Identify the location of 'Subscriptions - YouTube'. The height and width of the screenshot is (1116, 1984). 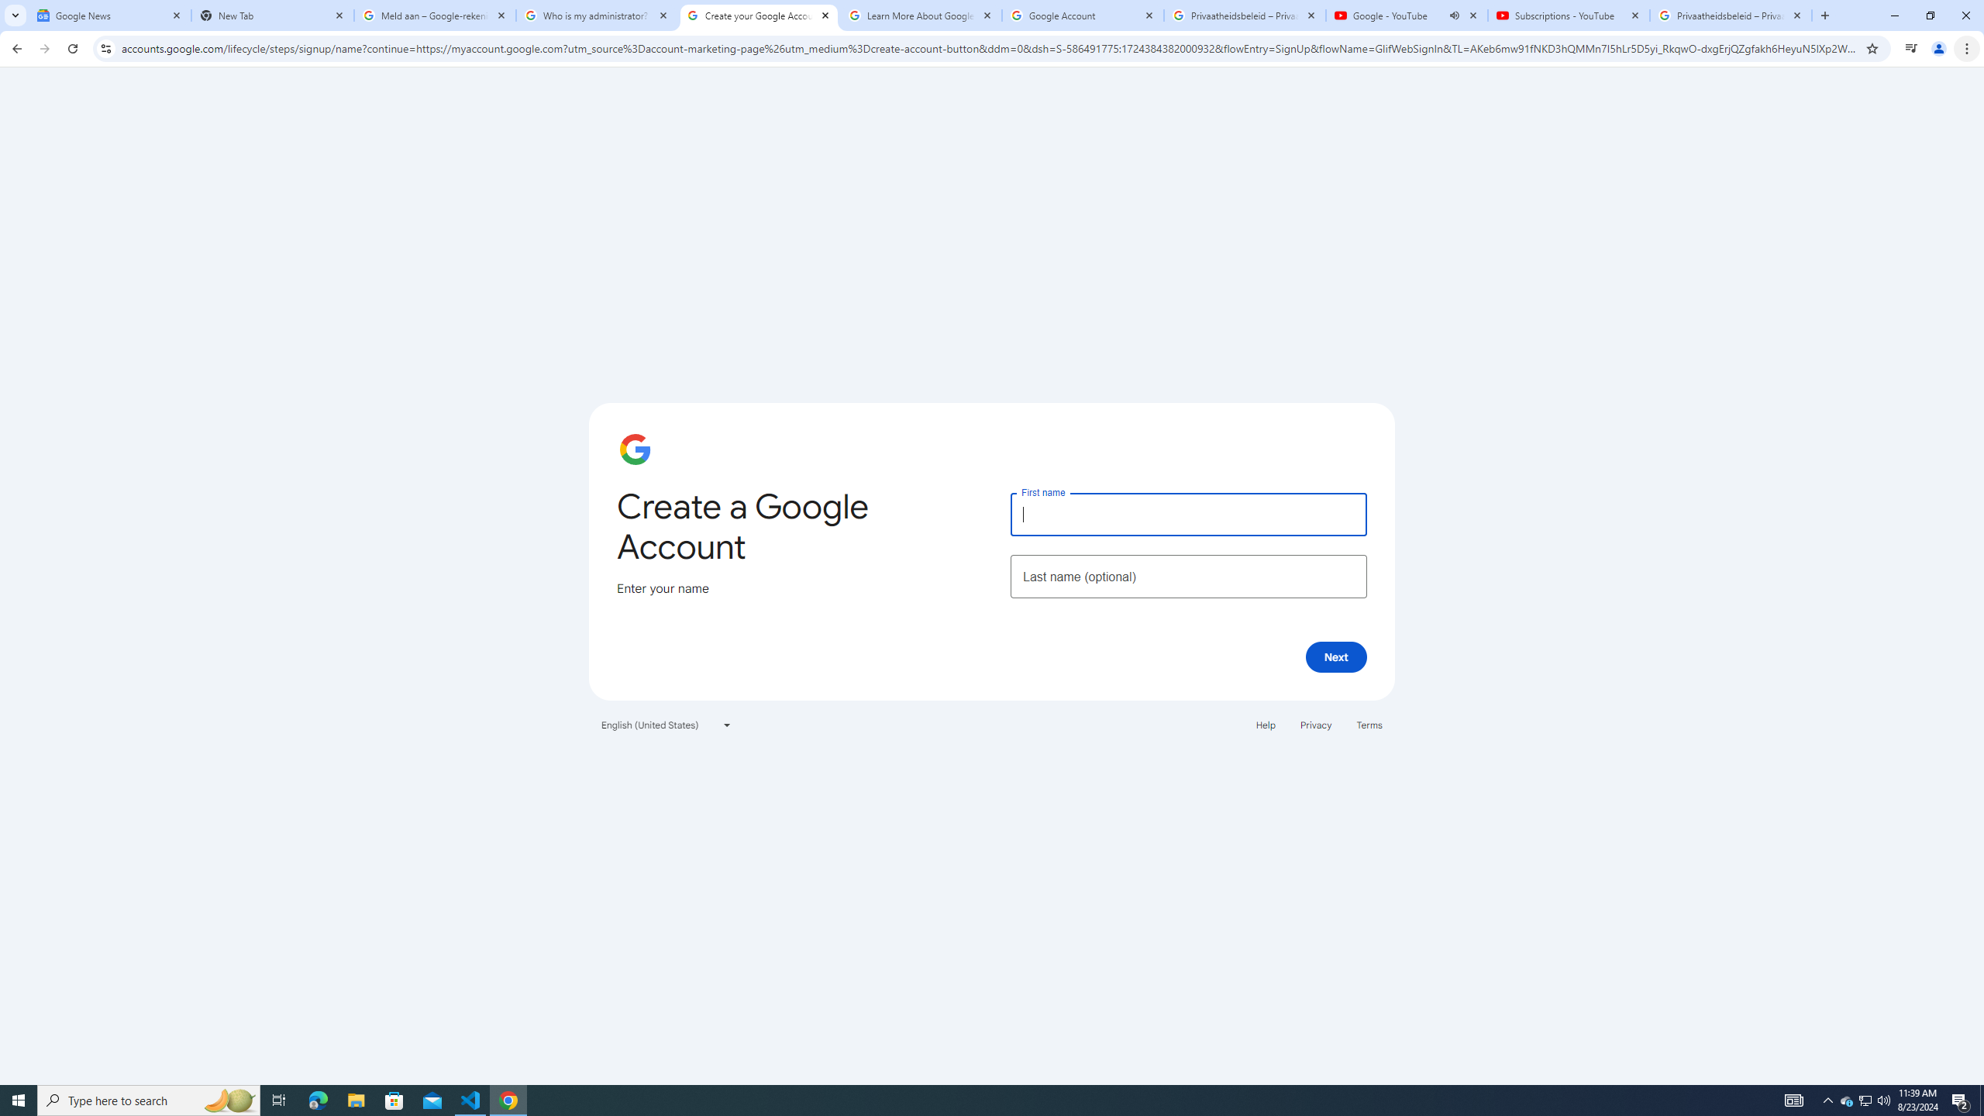
(1567, 15).